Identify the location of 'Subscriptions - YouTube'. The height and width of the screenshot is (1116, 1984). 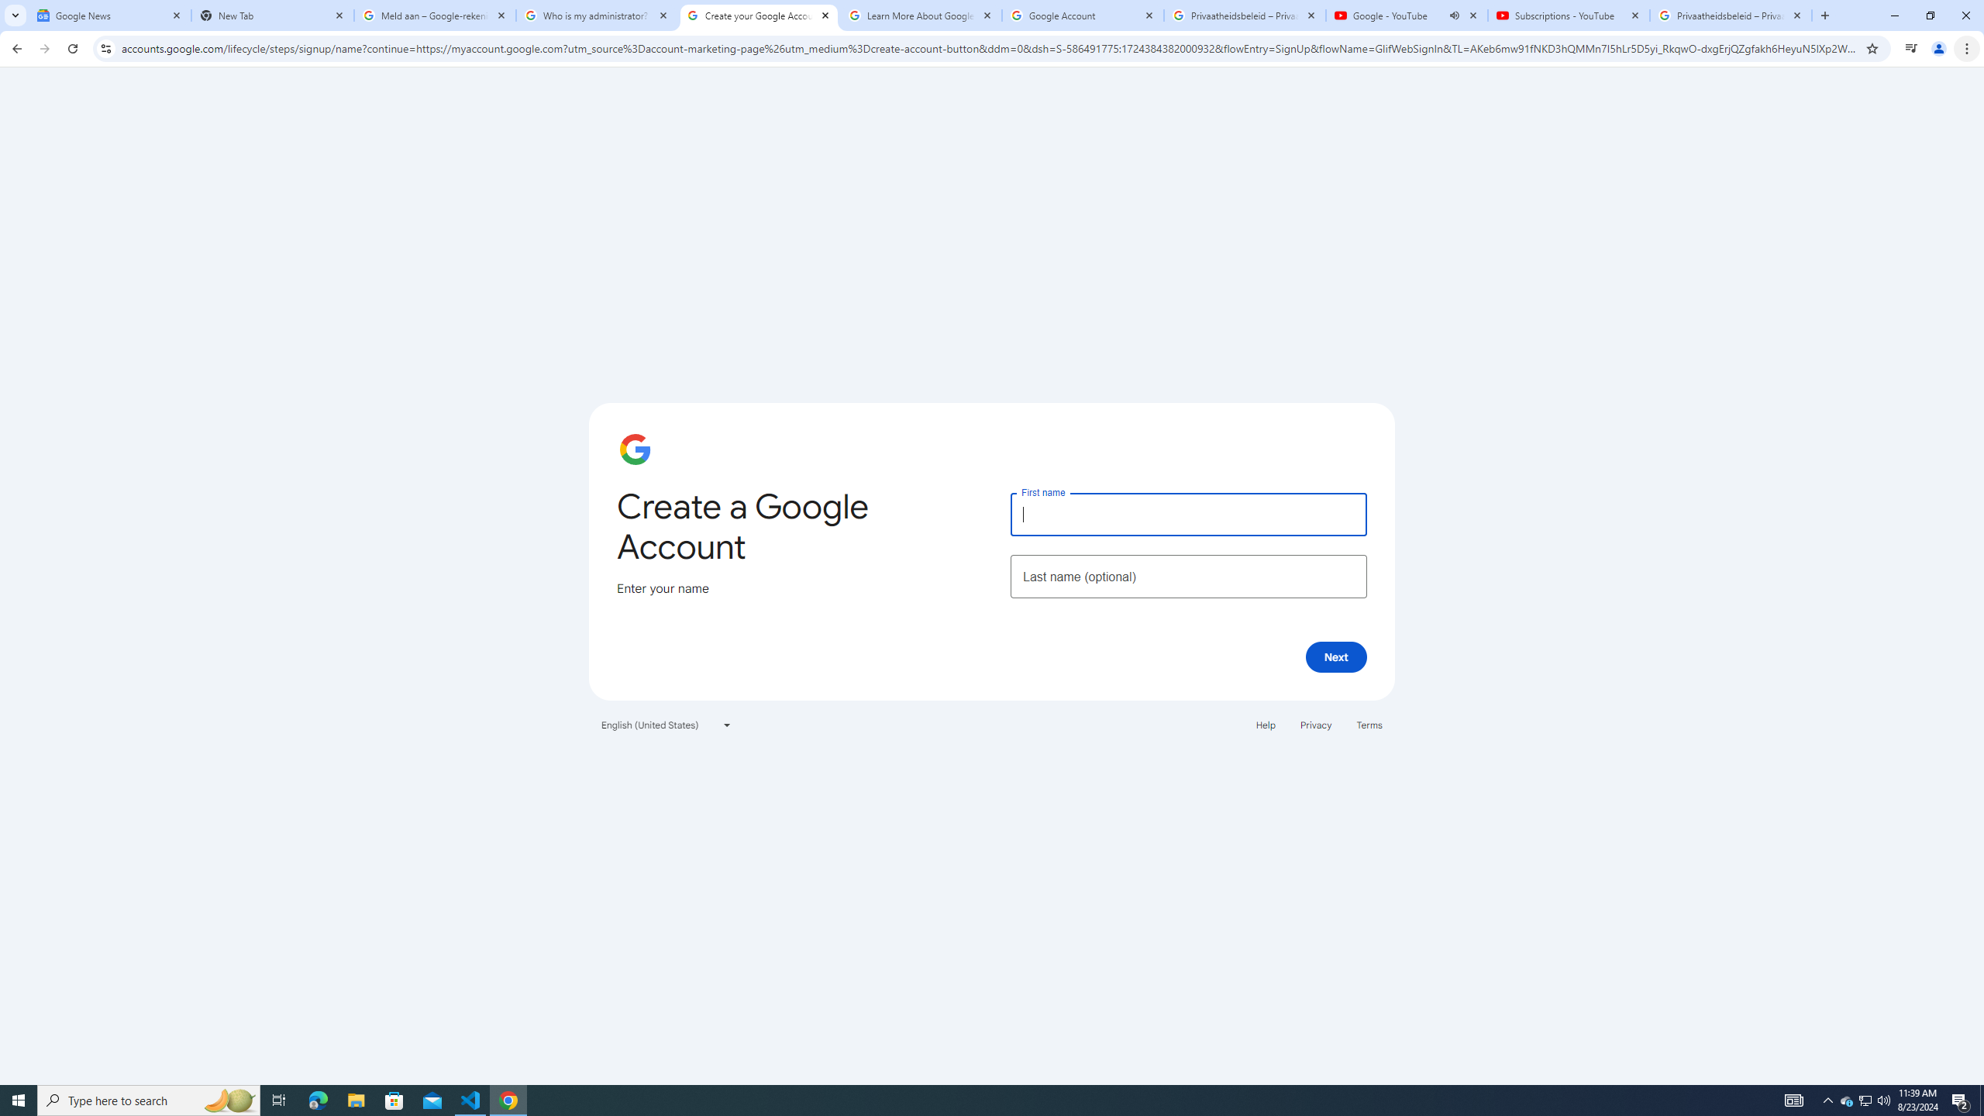
(1567, 15).